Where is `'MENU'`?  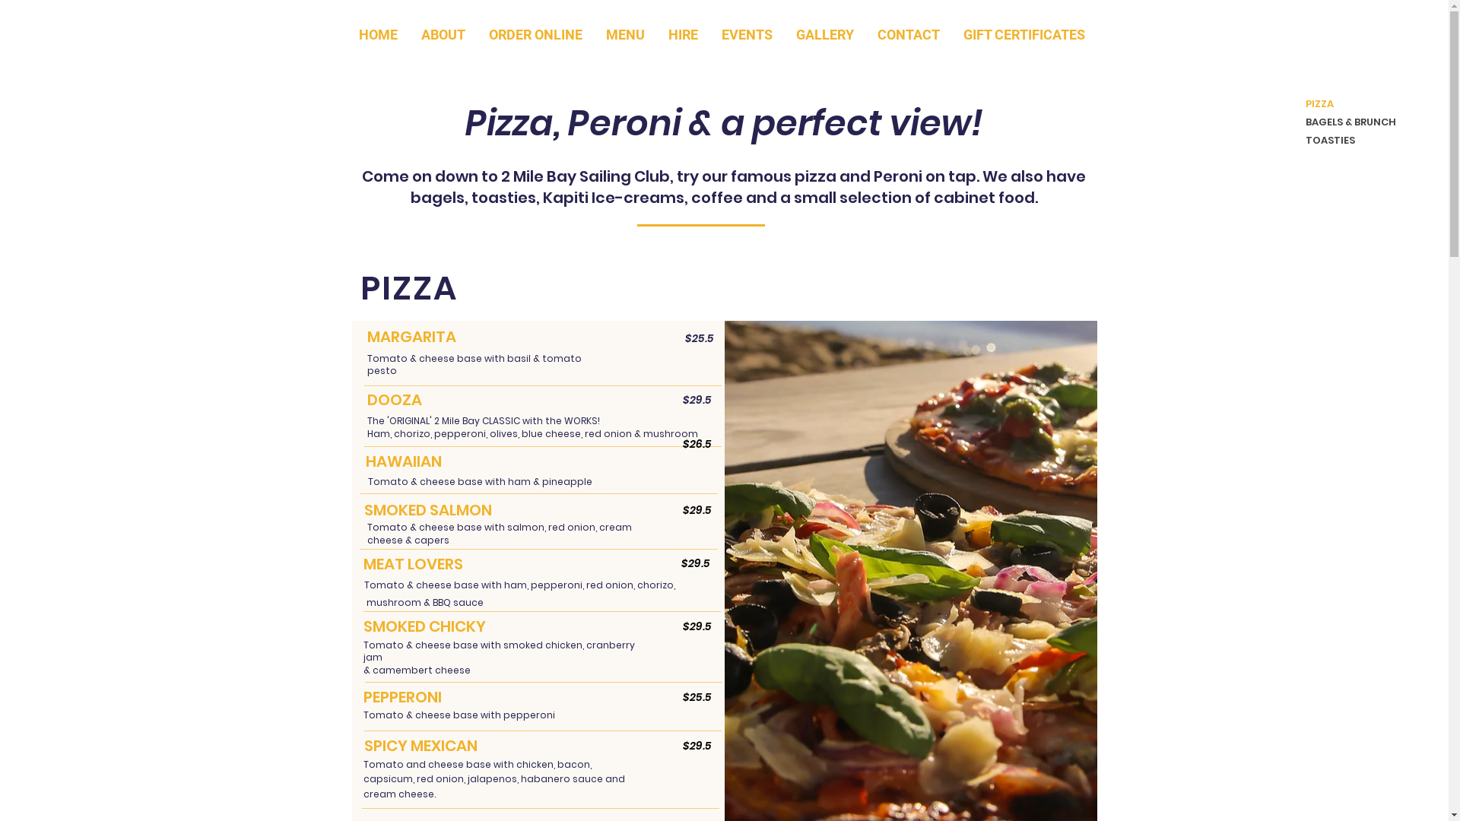 'MENU' is located at coordinates (625, 34).